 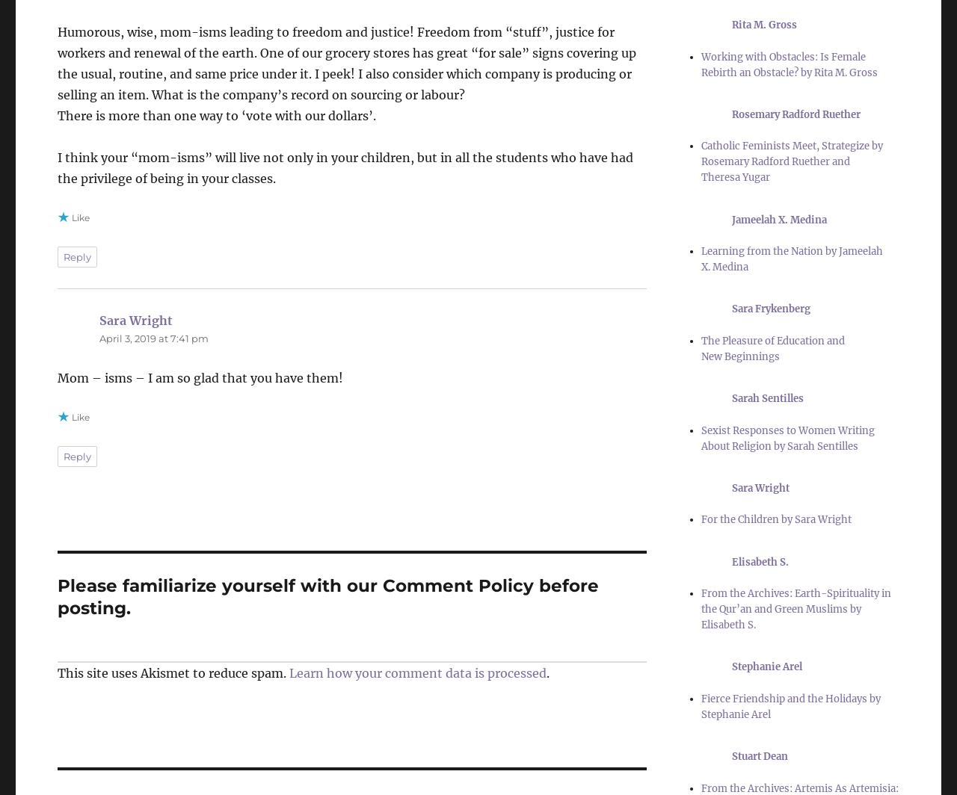 I want to click on 'There is more than one way to ‘vote with our dollars’.', so click(x=216, y=114).